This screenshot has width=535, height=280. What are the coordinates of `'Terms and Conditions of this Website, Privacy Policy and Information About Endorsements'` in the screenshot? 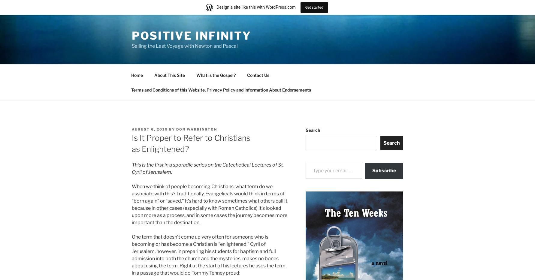 It's located at (221, 89).